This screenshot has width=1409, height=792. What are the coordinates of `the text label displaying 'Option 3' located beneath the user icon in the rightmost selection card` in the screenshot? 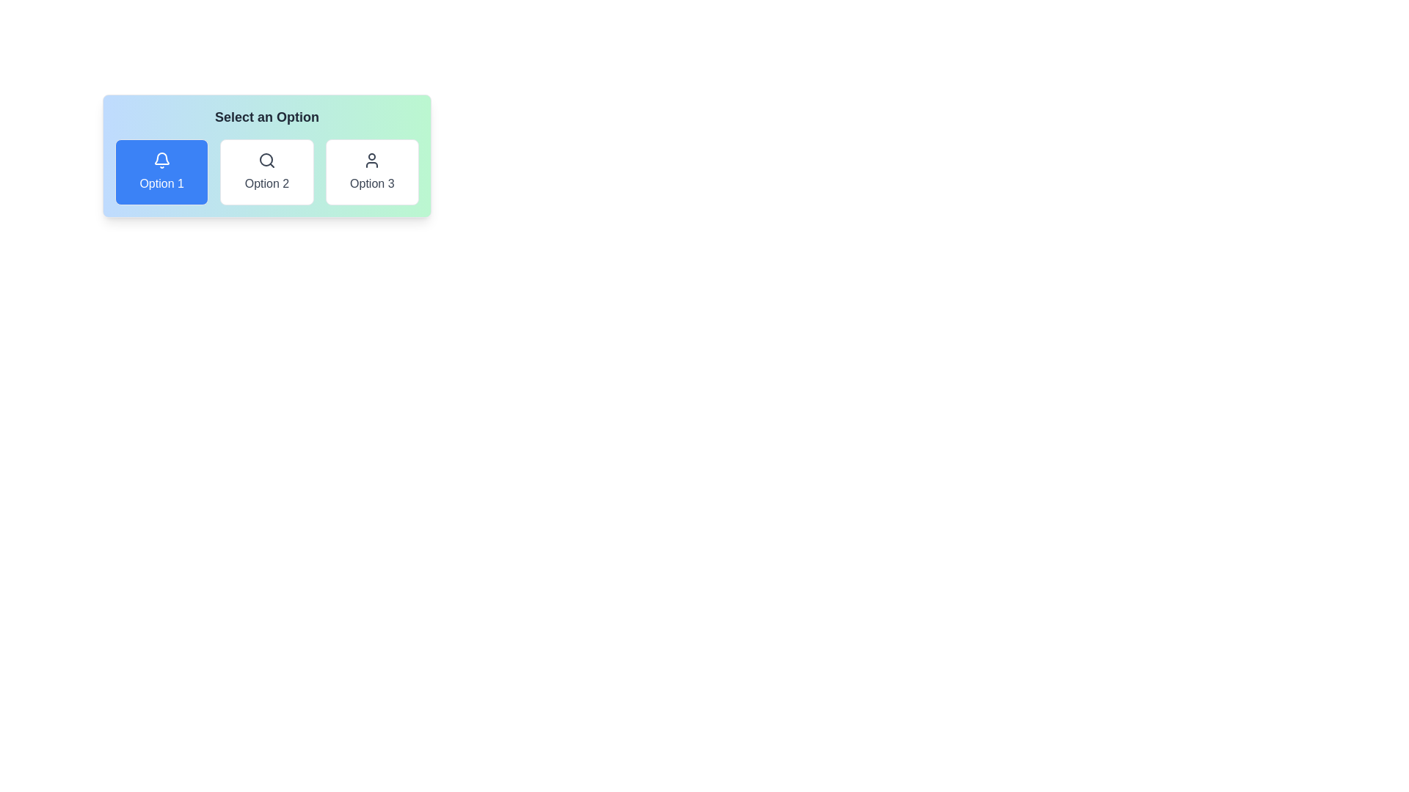 It's located at (372, 183).